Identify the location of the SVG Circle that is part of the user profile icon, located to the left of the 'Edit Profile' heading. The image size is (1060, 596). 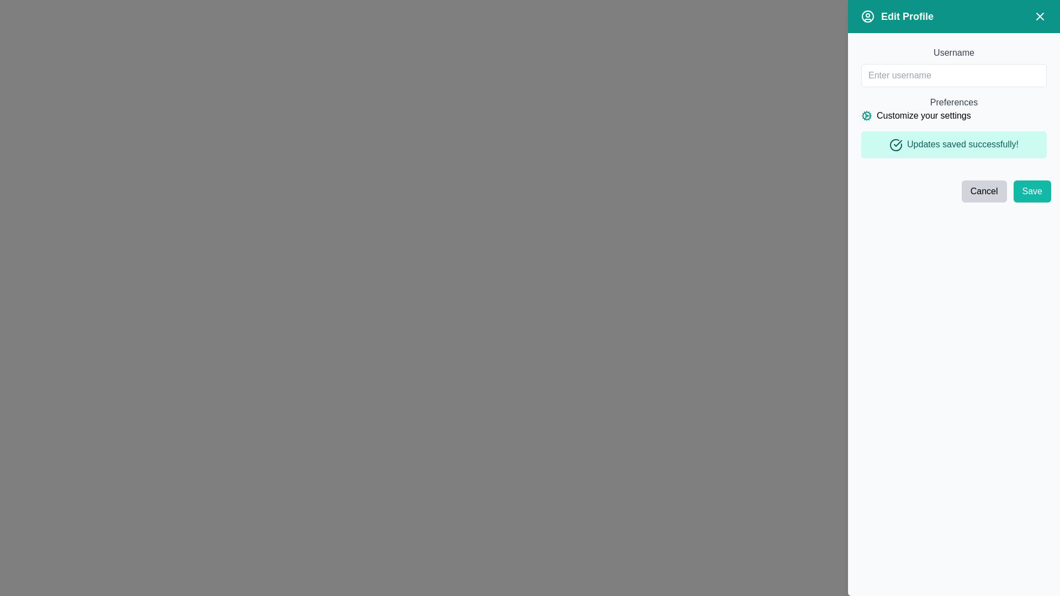
(867, 17).